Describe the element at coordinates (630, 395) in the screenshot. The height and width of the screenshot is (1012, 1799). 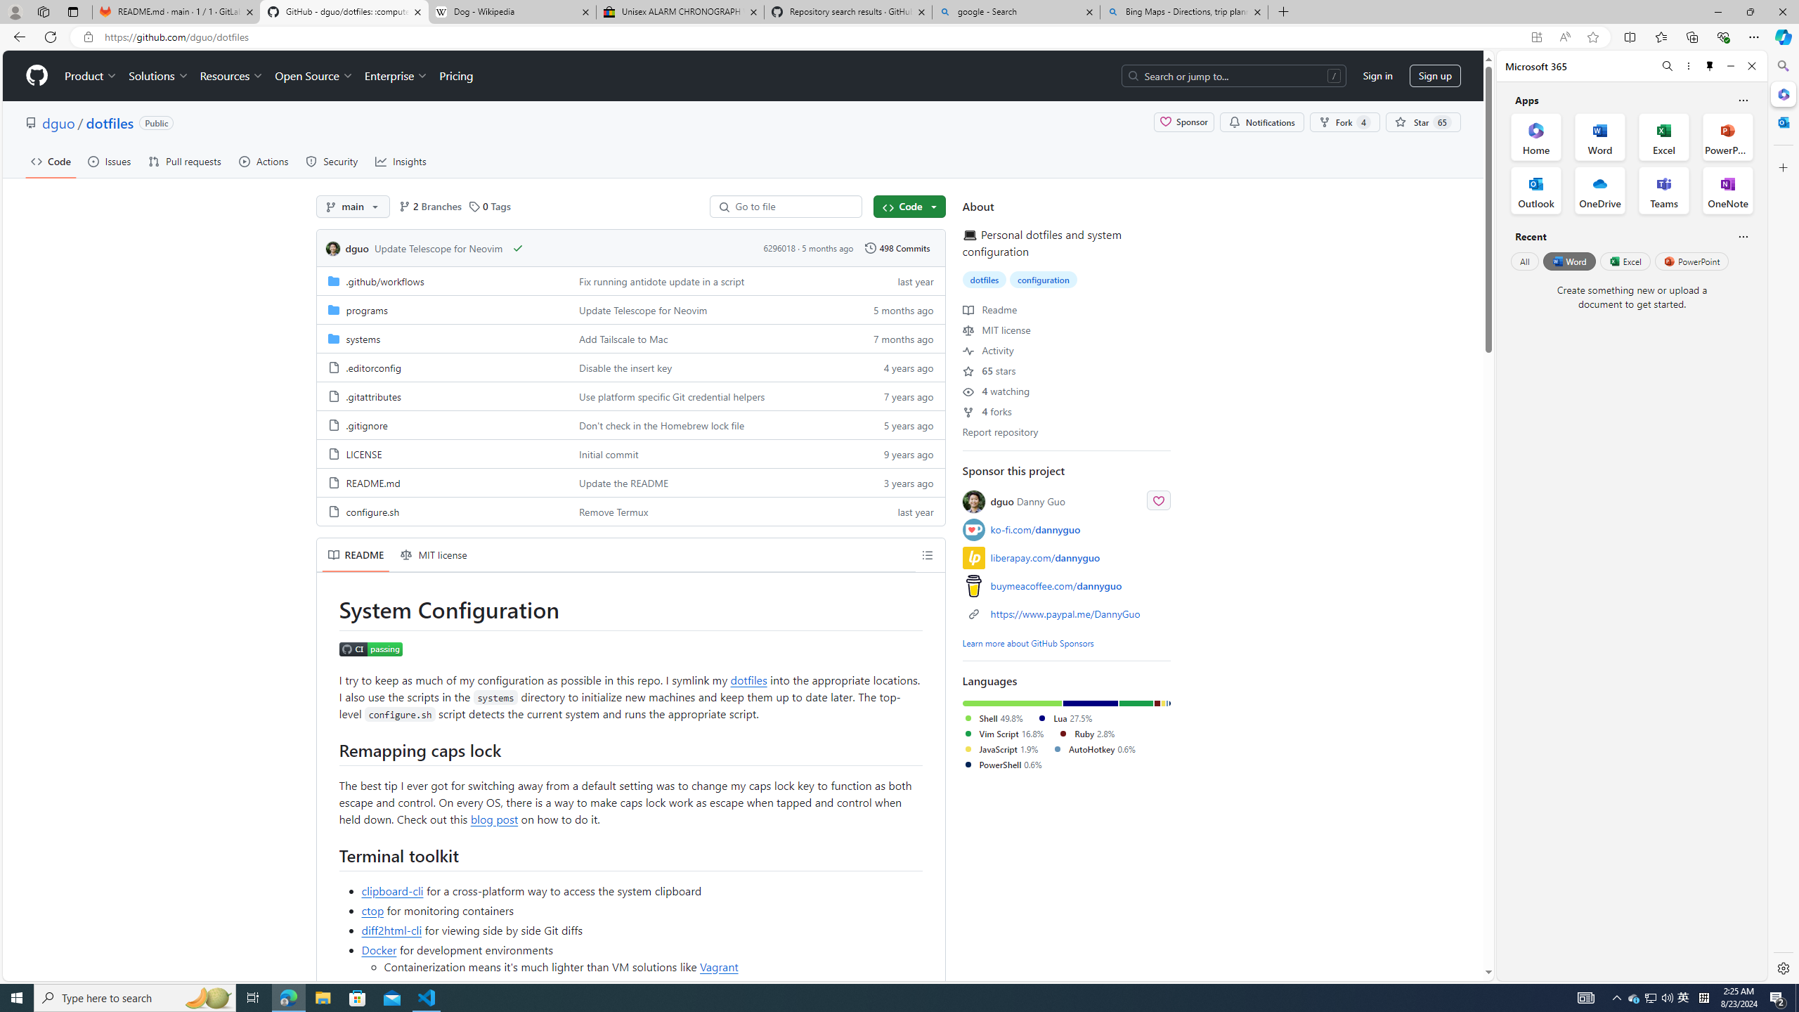
I see `'AutomationID: folder-row-4'` at that location.